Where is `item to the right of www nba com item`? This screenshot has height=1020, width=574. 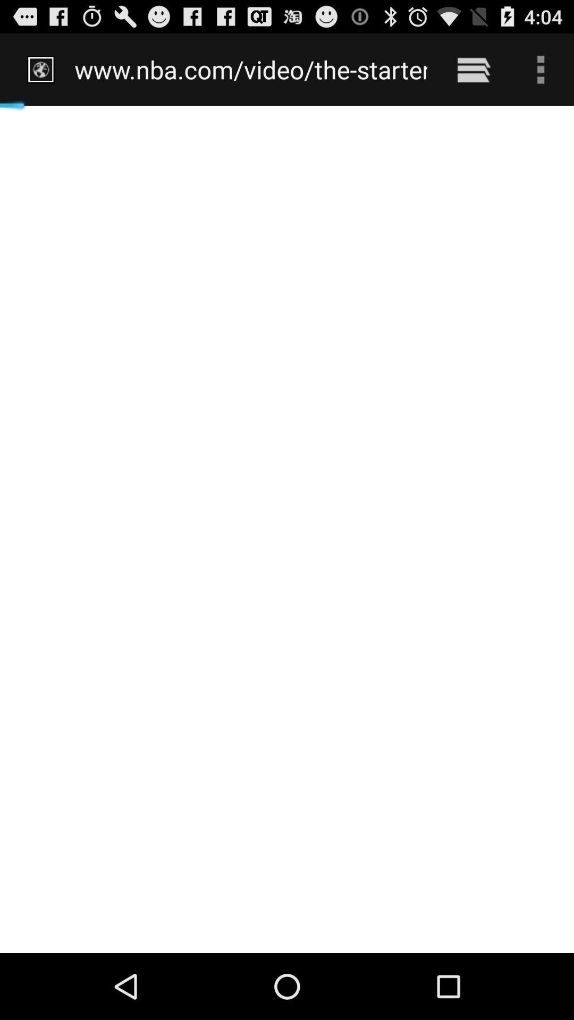
item to the right of www nba com item is located at coordinates (473, 69).